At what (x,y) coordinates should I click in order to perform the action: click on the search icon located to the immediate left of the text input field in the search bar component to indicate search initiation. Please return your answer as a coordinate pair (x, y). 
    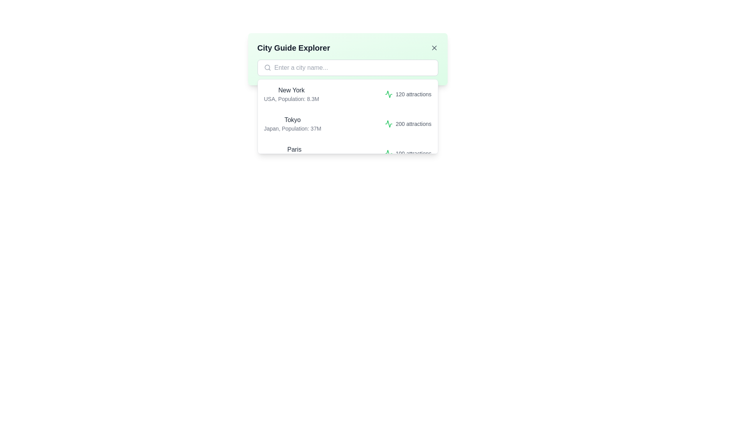
    Looking at the image, I should click on (267, 67).